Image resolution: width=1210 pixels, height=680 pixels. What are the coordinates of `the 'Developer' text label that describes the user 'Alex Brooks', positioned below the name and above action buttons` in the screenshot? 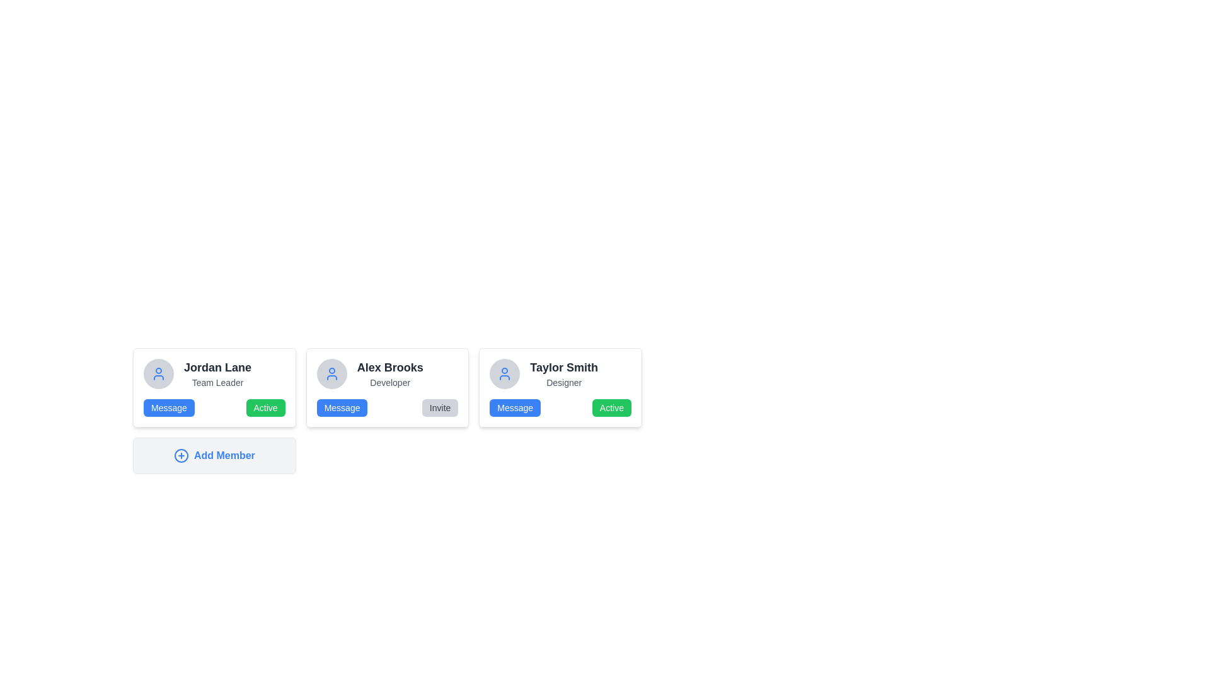 It's located at (389, 382).